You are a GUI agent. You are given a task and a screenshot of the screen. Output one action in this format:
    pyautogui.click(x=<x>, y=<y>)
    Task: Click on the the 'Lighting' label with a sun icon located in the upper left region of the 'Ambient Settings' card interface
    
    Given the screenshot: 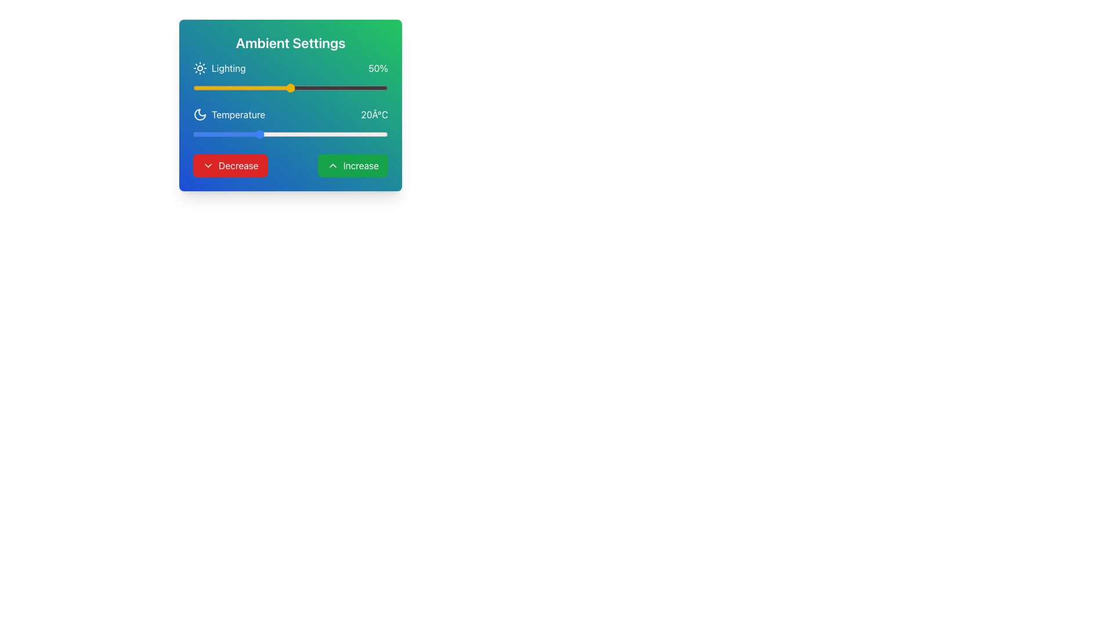 What is the action you would take?
    pyautogui.click(x=219, y=68)
    